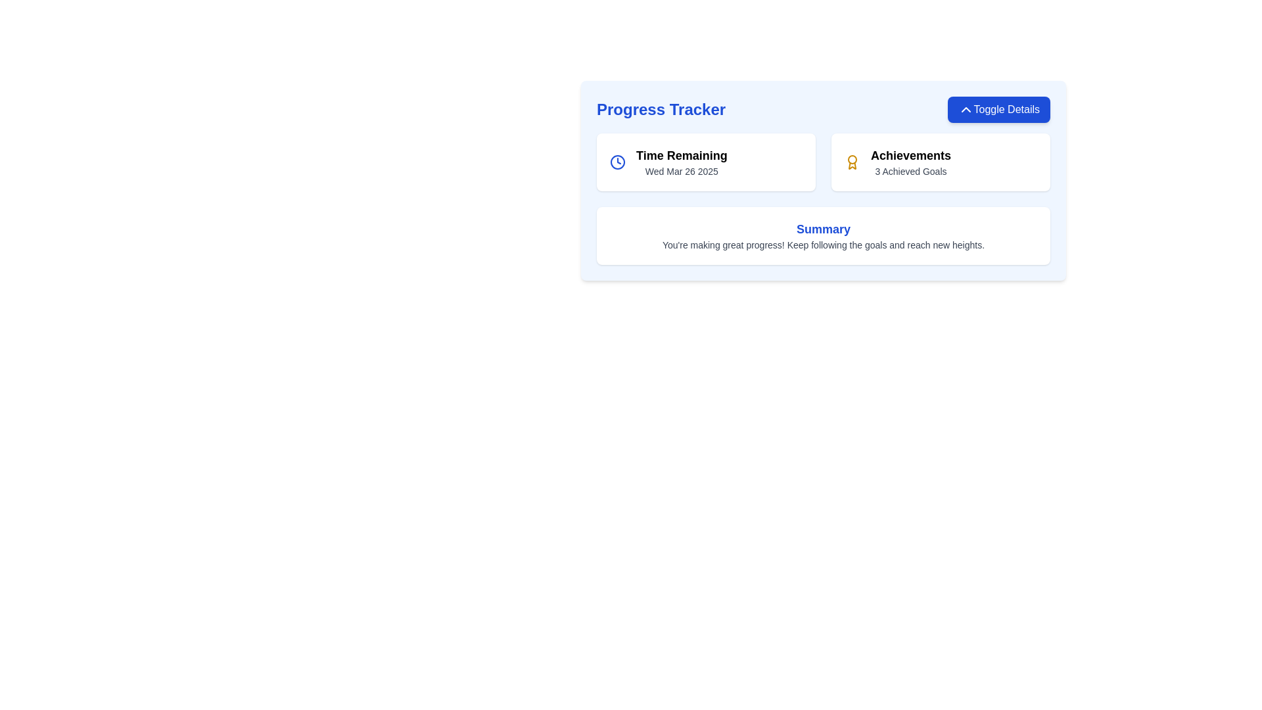 The image size is (1262, 710). What do you see at coordinates (852, 159) in the screenshot?
I see `the circular graphic element of the award badge icon located on the 'Achievements' card in the 'Progress Tracker' section` at bounding box center [852, 159].